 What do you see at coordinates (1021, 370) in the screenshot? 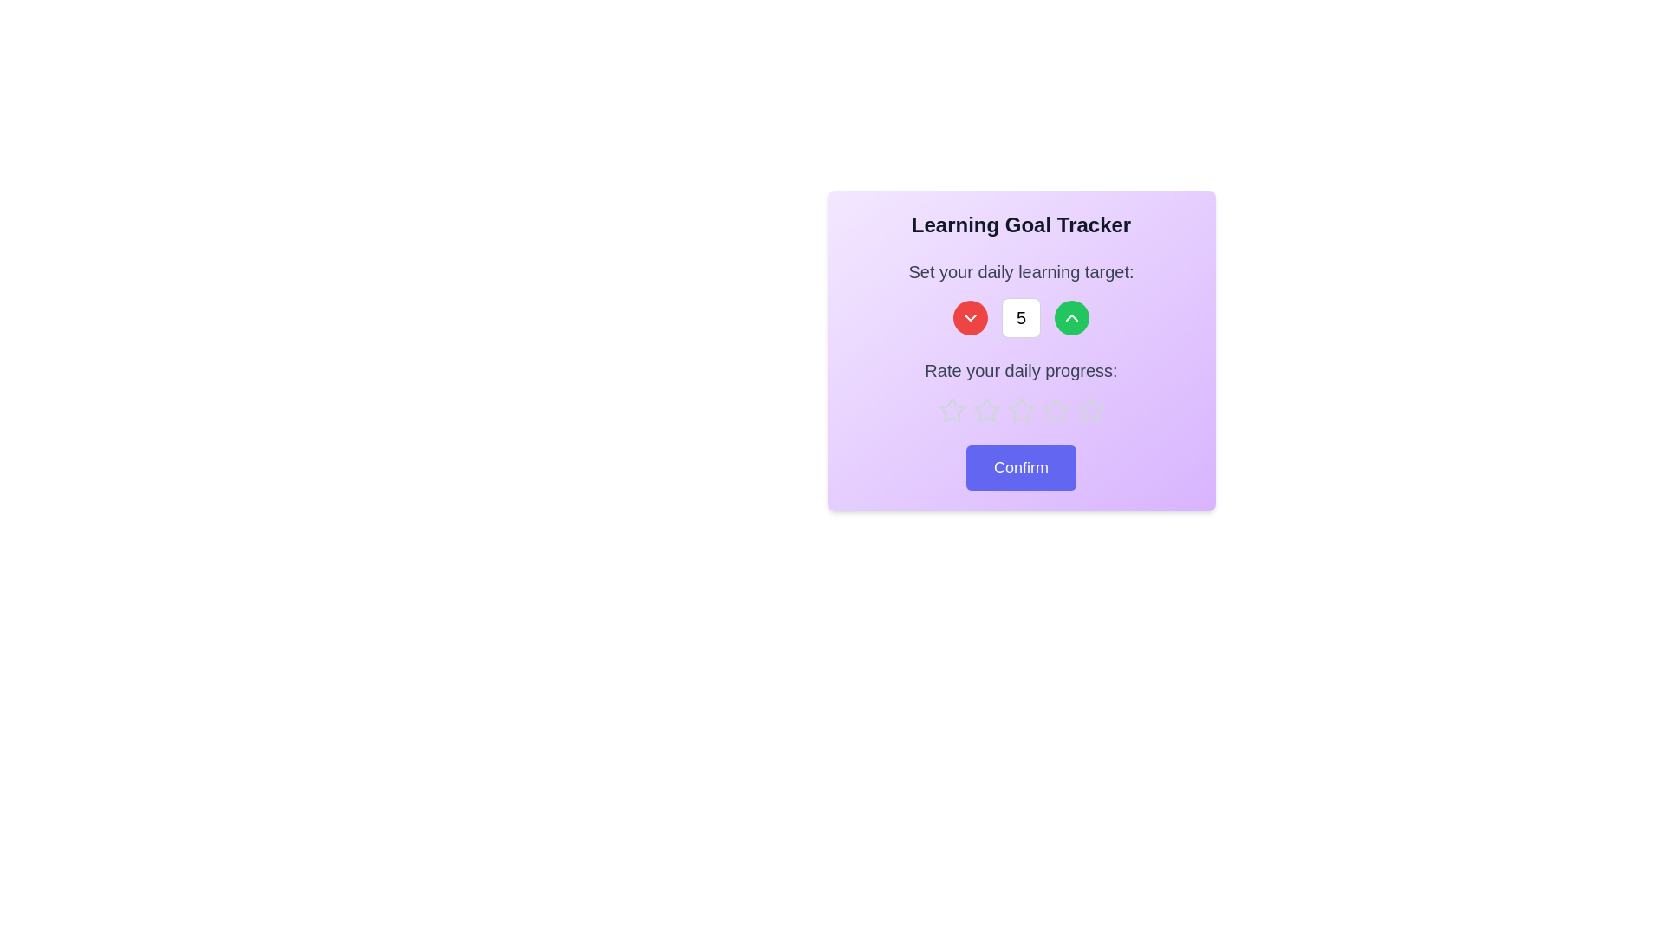
I see `the Static Text element displaying 'Rate your daily progress:' which is located above the star icons for rating` at bounding box center [1021, 370].